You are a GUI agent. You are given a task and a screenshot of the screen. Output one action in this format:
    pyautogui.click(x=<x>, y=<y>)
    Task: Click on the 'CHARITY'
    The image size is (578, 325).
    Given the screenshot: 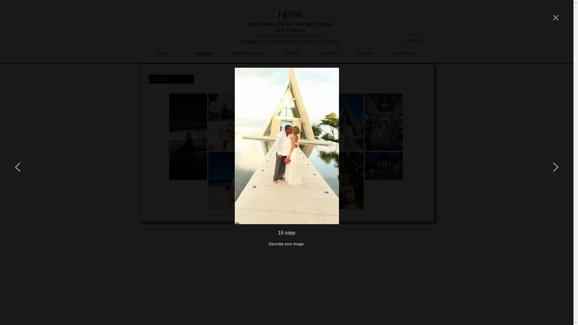 What is the action you would take?
    pyautogui.click(x=329, y=53)
    